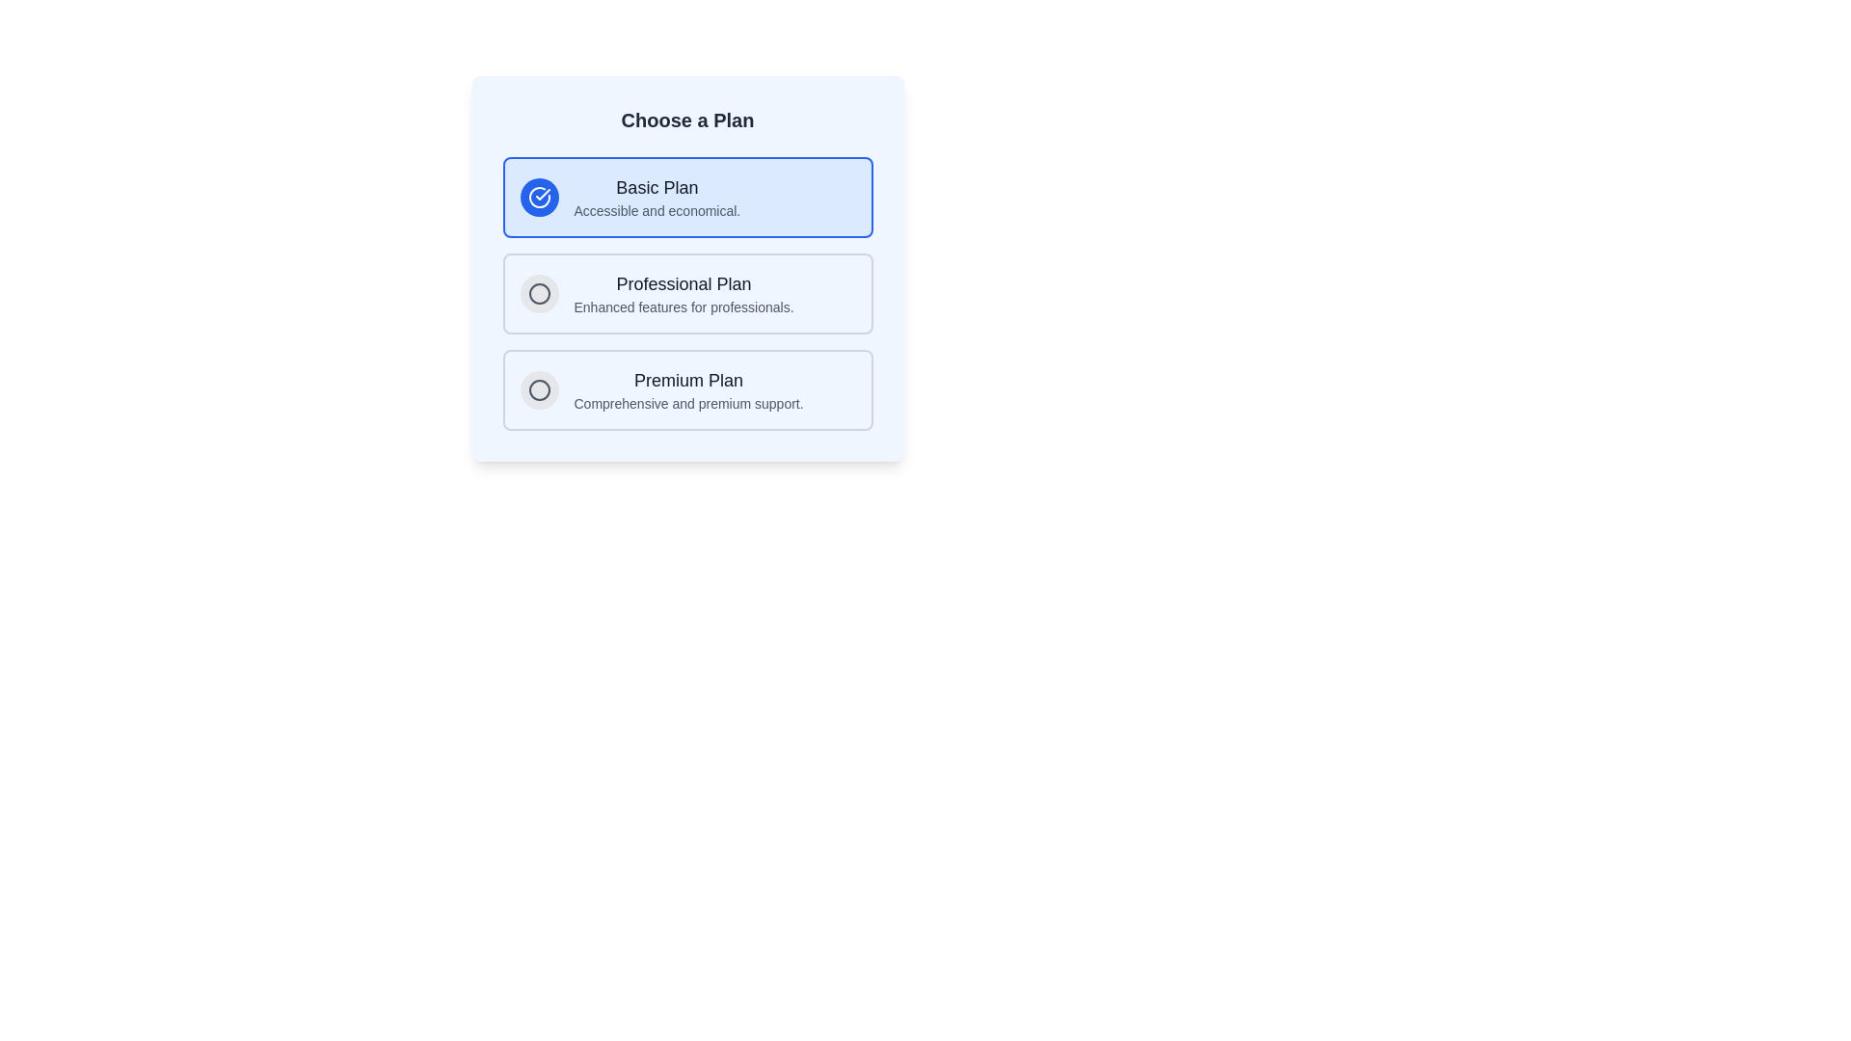  I want to click on the selectable button labeled 'Basic Plan' which features a light blue background with a blue circular icon and a white checkmark, so click(687, 197).